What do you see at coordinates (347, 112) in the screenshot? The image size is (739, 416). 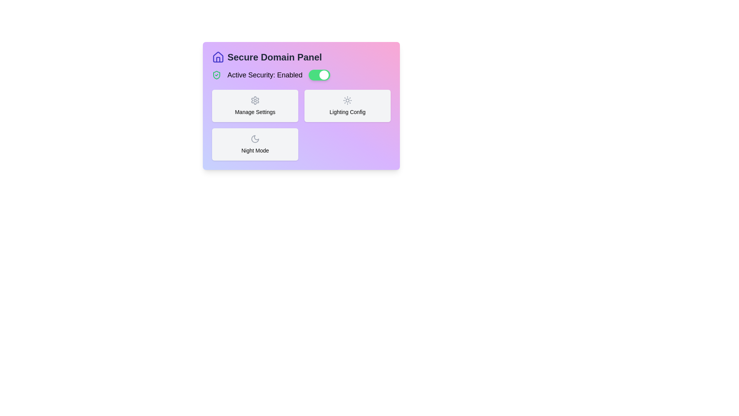 I see `text displayed in the 'Lighting Config' label which is centered in a button-like element on a light gray background` at bounding box center [347, 112].